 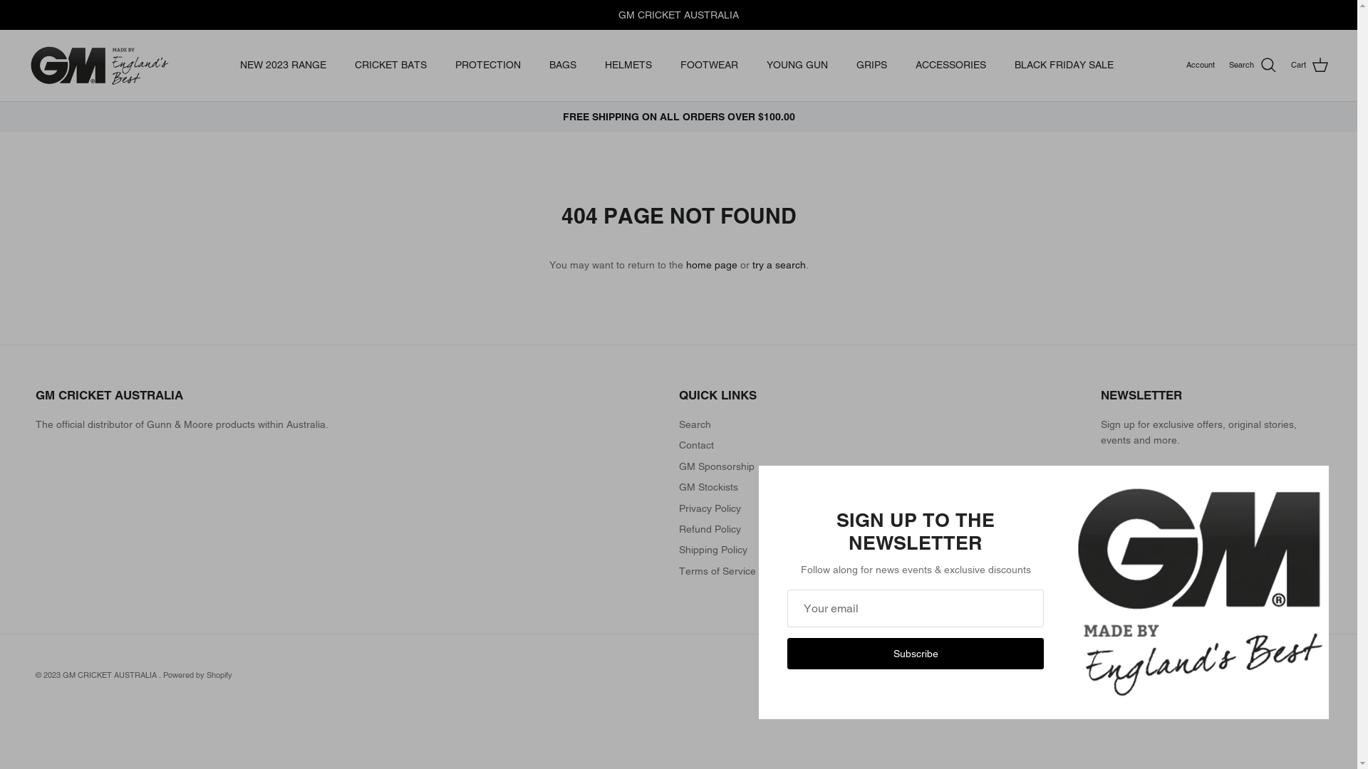 I want to click on 'GM CRICKET AUSTRALIA ', so click(x=98, y=66).